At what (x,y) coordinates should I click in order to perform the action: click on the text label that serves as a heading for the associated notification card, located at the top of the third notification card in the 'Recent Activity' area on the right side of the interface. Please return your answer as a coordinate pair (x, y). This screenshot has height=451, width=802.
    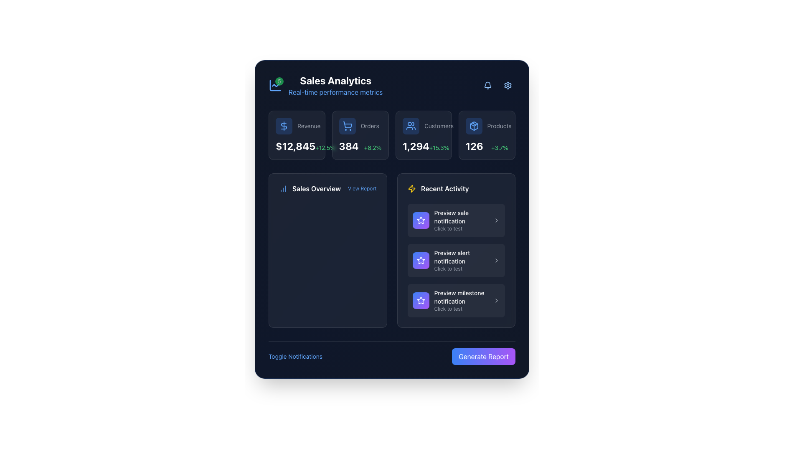
    Looking at the image, I should click on (461, 297).